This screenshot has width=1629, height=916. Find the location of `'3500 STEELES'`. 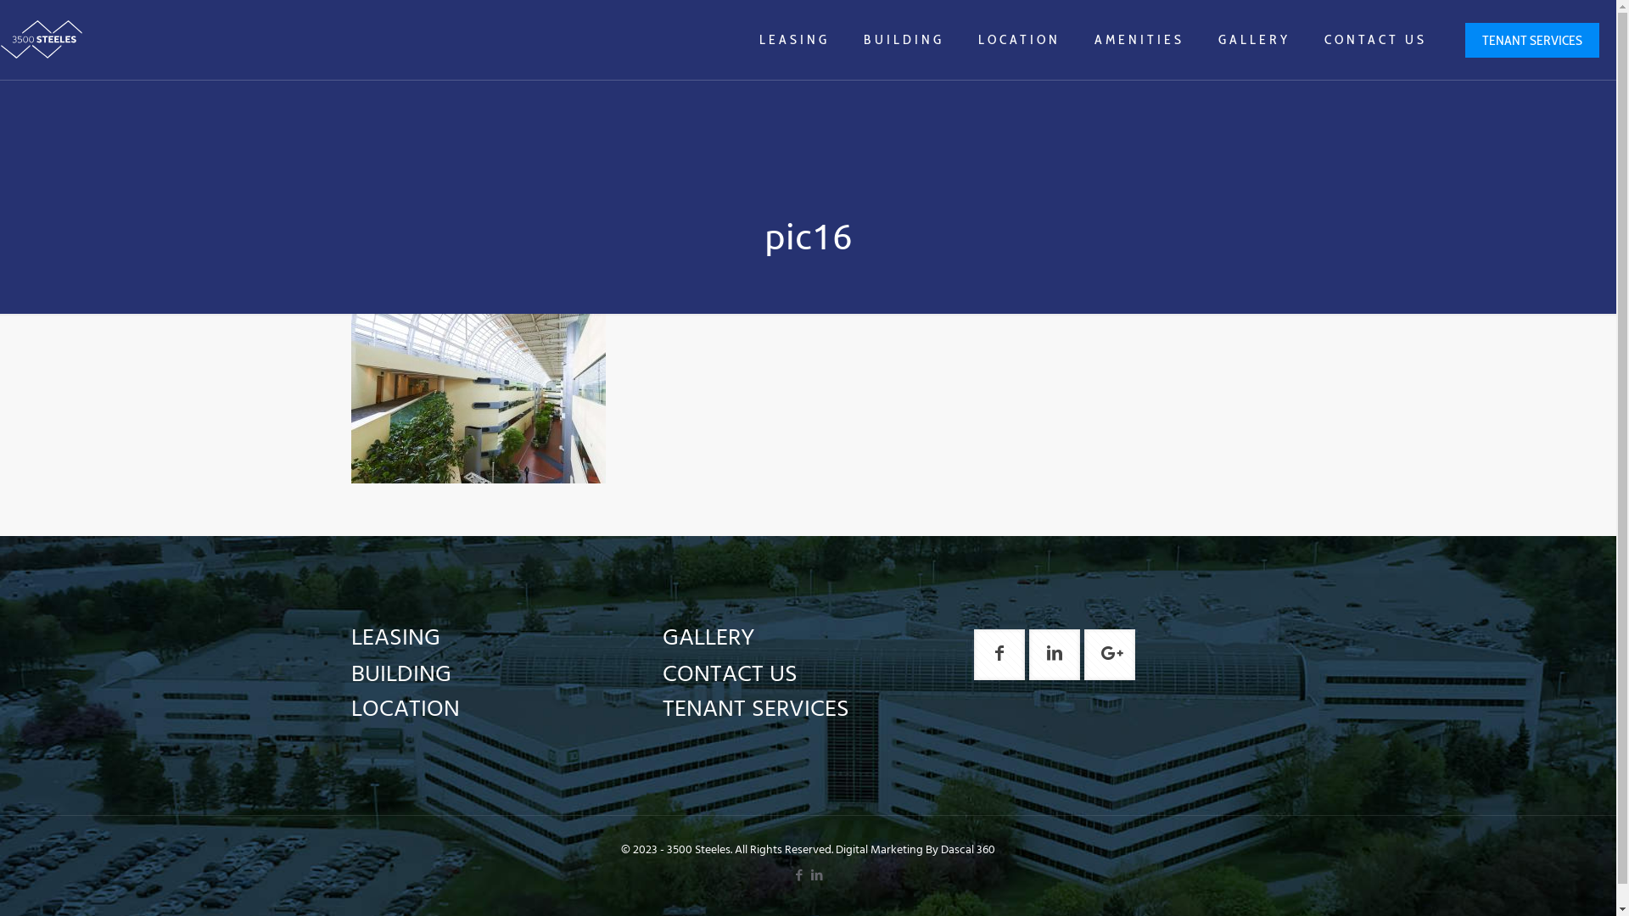

'3500 STEELES' is located at coordinates (42, 38).